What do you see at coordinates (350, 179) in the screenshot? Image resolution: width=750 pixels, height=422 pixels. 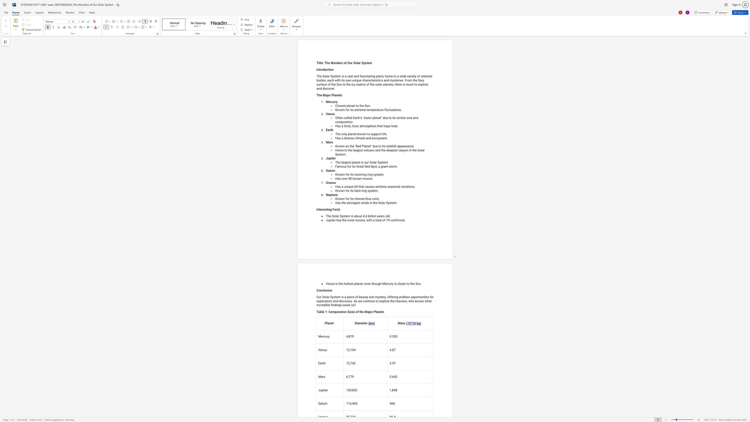 I see `the subset text "0 known moo" within the text "Has over 80 known moons."` at bounding box center [350, 179].